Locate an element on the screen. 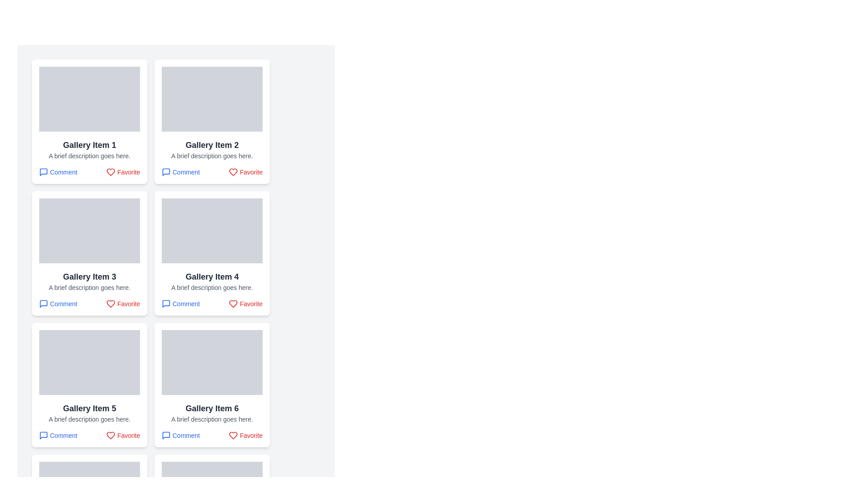 This screenshot has width=865, height=487. the light gray rectangular placeholder at the top of 'Gallery Item 6' card component, which is located in the last column of the grid layout is located at coordinates (211, 362).